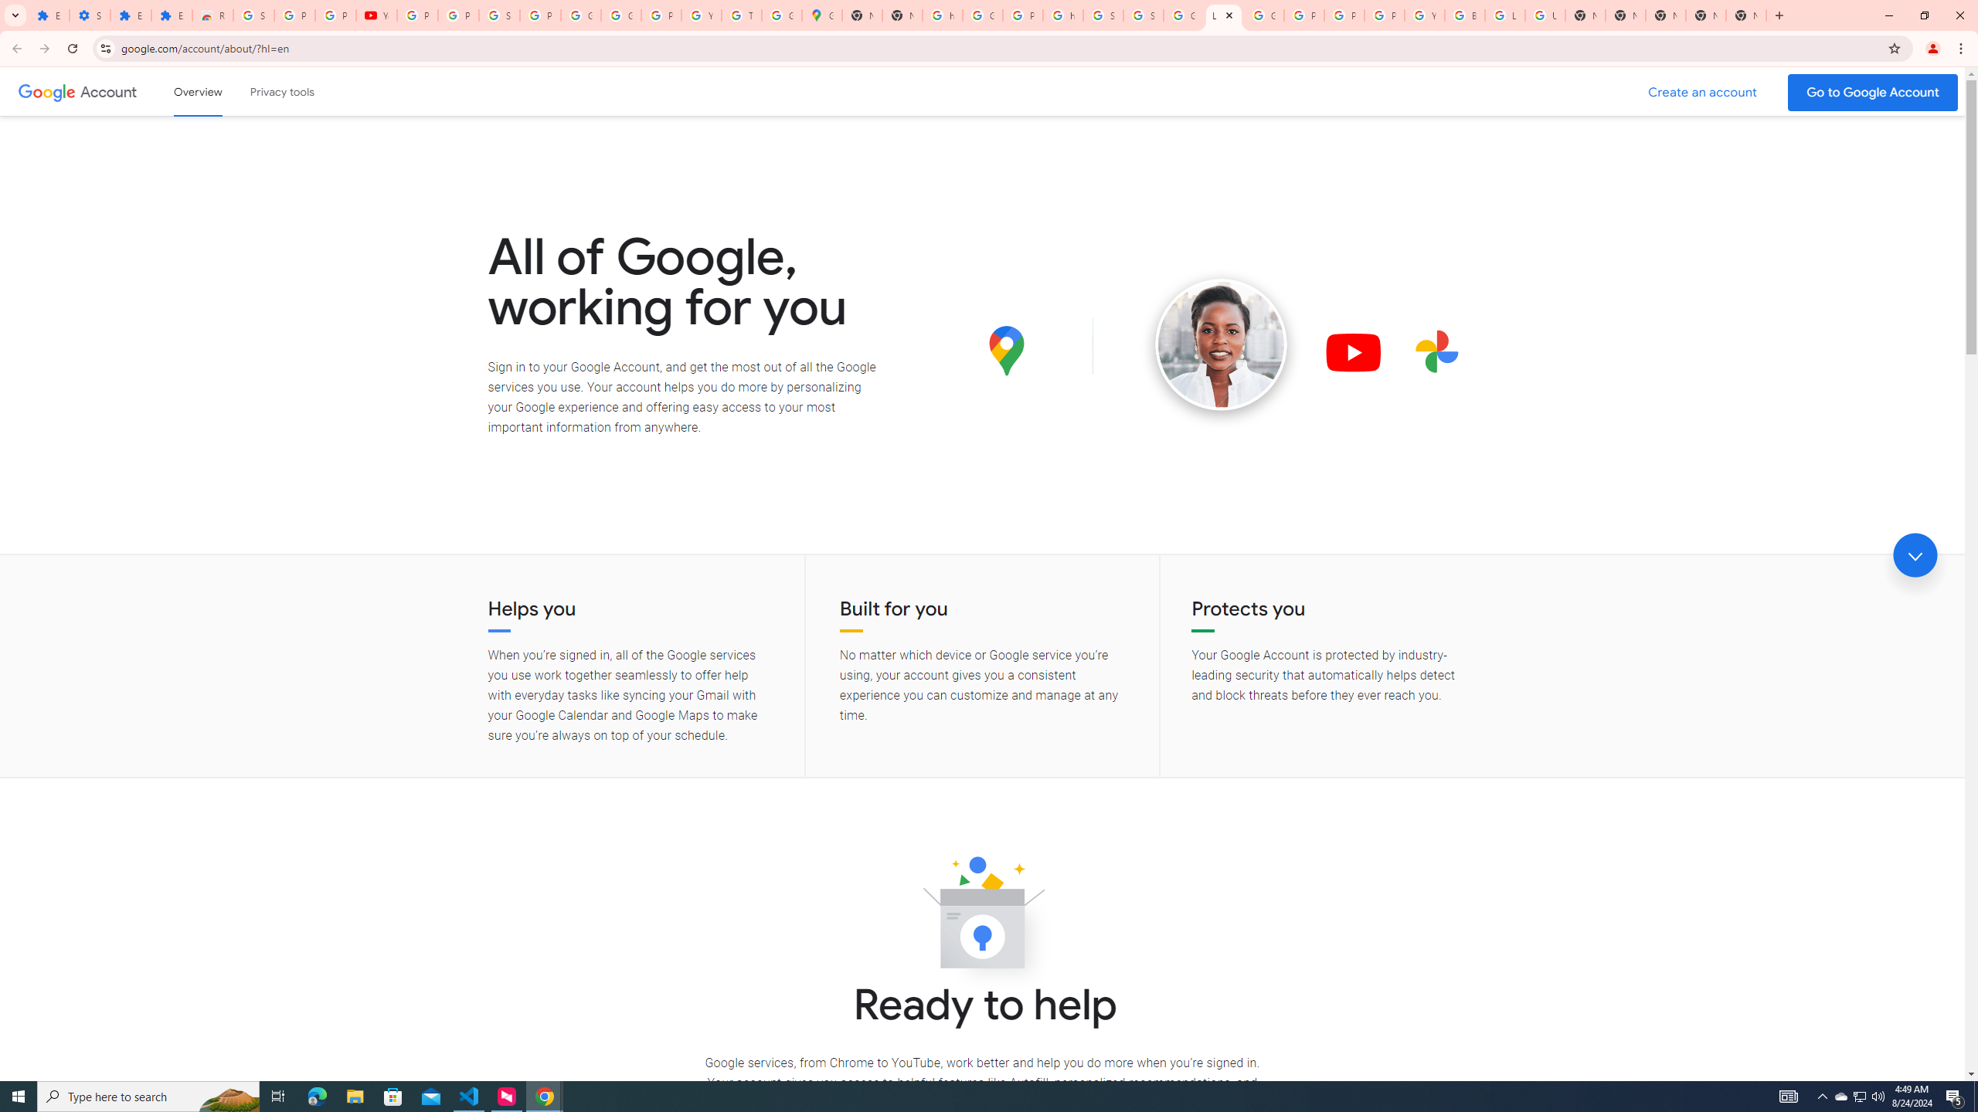  I want to click on 'YouTube', so click(376, 15).